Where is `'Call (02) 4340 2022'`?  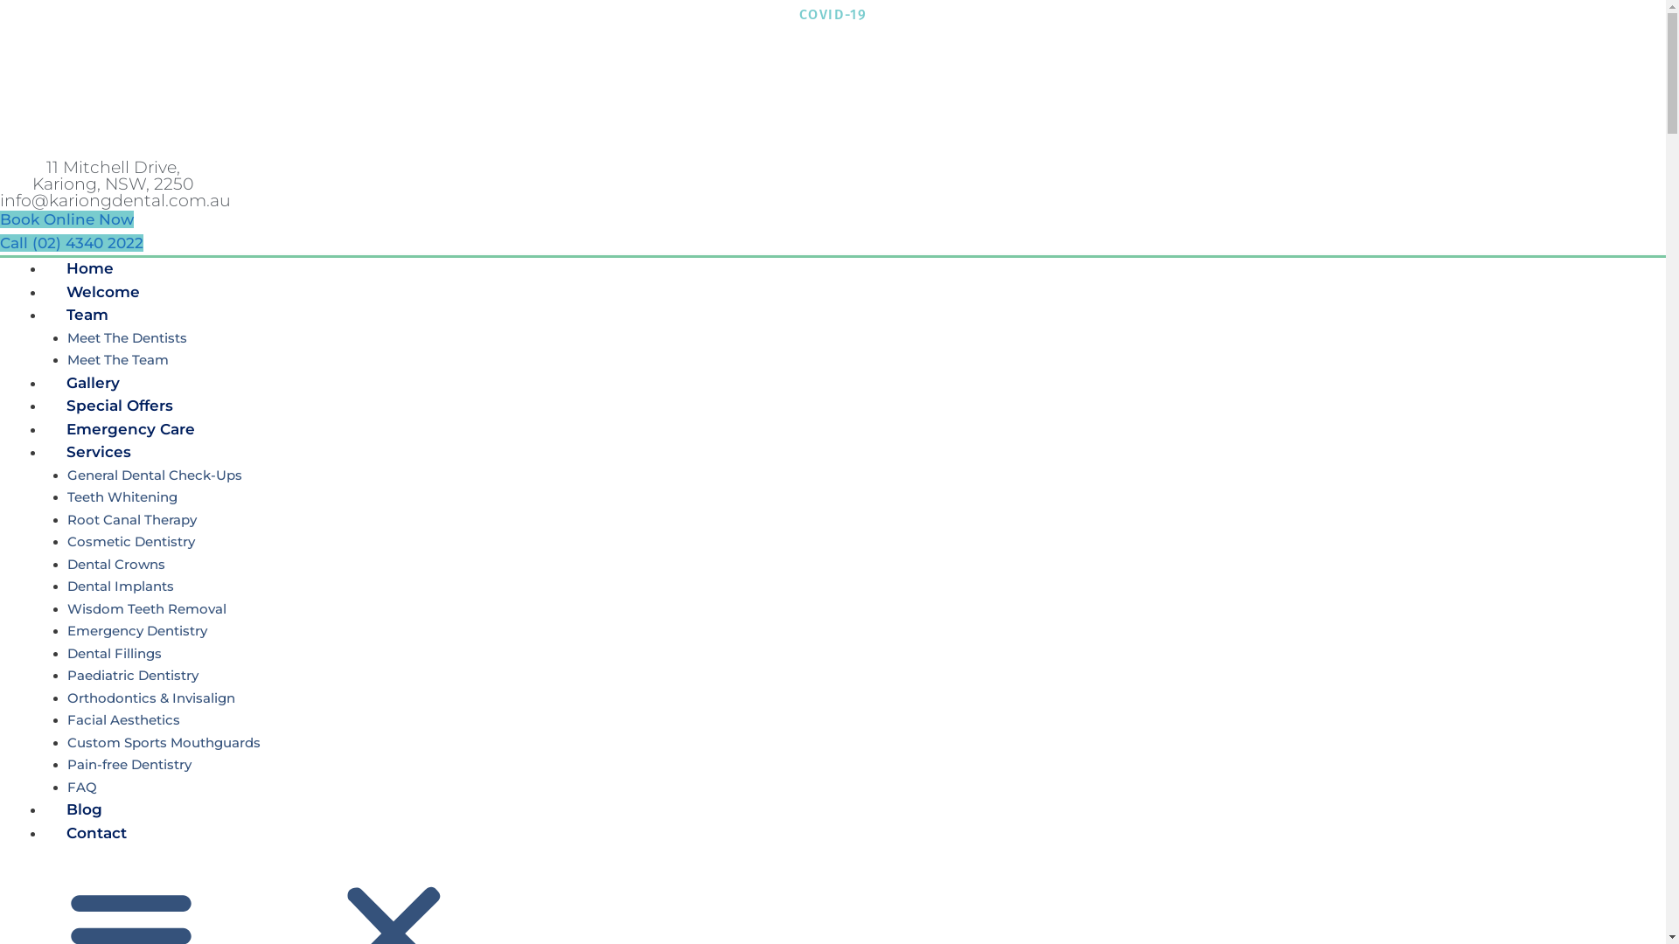
'Call (02) 4340 2022' is located at coordinates (70, 242).